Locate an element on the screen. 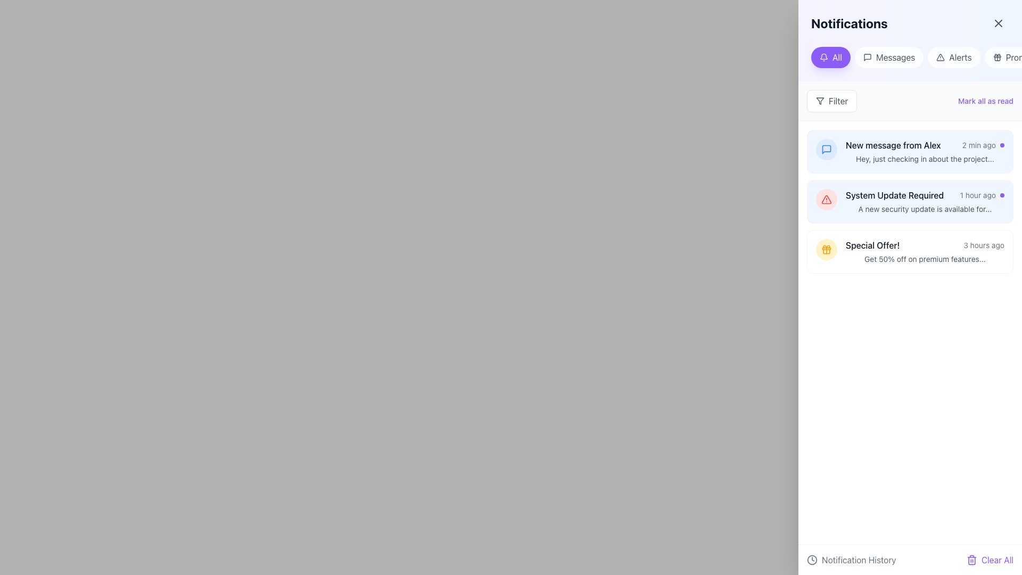 This screenshot has height=575, width=1022. the static text label indicating a special offer in the right-hand notification panel, which is the foremost text on the third notification entry from the top is located at coordinates (872, 245).